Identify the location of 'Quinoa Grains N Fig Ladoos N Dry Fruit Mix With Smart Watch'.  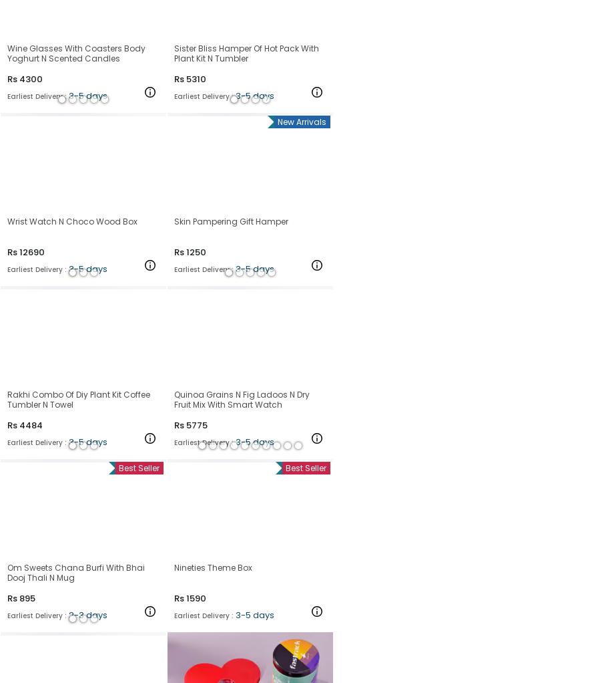
(242, 398).